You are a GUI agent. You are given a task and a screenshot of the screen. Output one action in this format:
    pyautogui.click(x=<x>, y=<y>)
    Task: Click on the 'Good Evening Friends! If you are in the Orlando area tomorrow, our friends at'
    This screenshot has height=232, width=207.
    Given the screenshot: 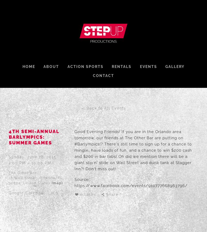 What is the action you would take?
    pyautogui.click(x=128, y=135)
    